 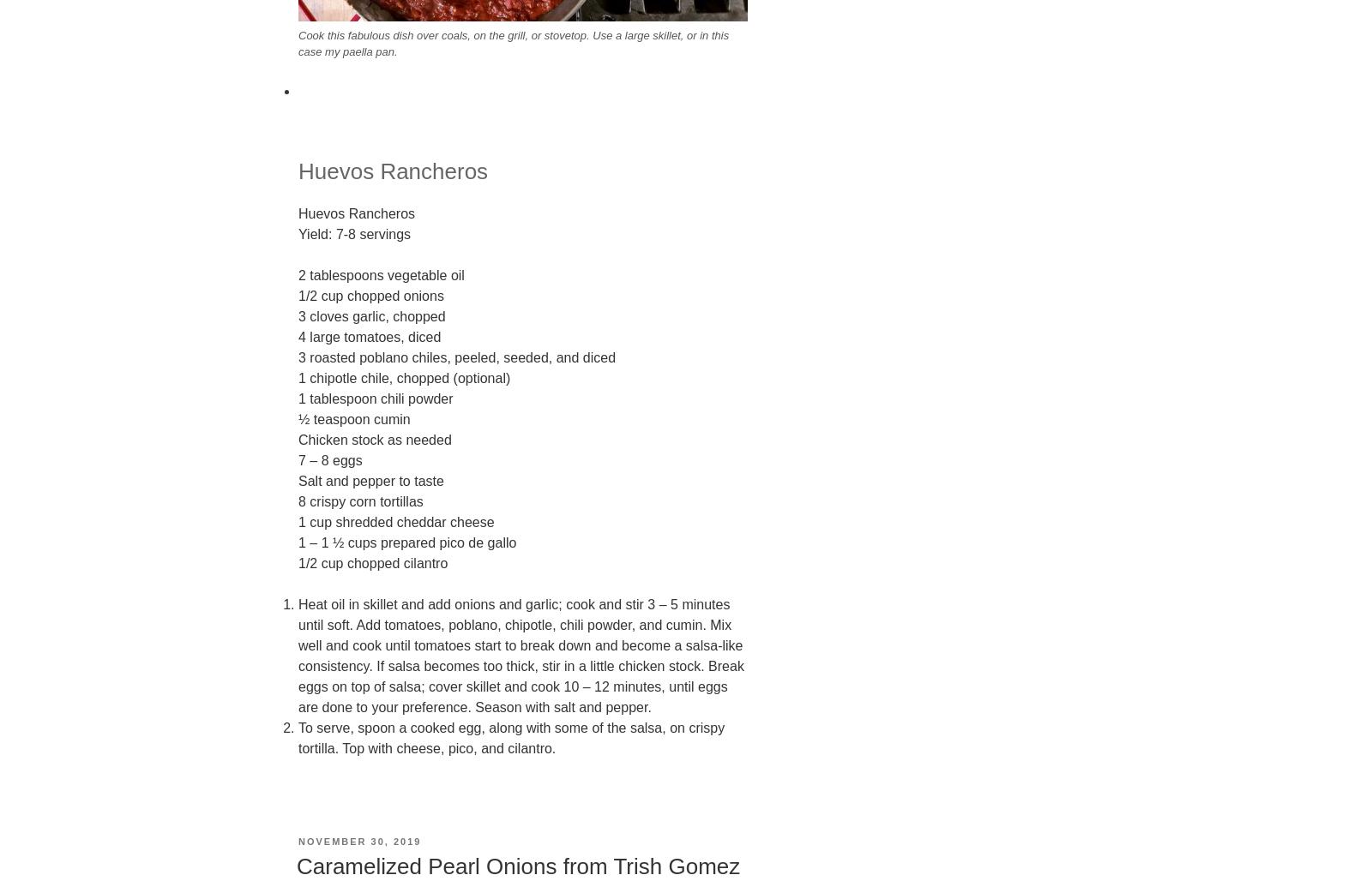 What do you see at coordinates (353, 233) in the screenshot?
I see `'Yield: 7-8 servings'` at bounding box center [353, 233].